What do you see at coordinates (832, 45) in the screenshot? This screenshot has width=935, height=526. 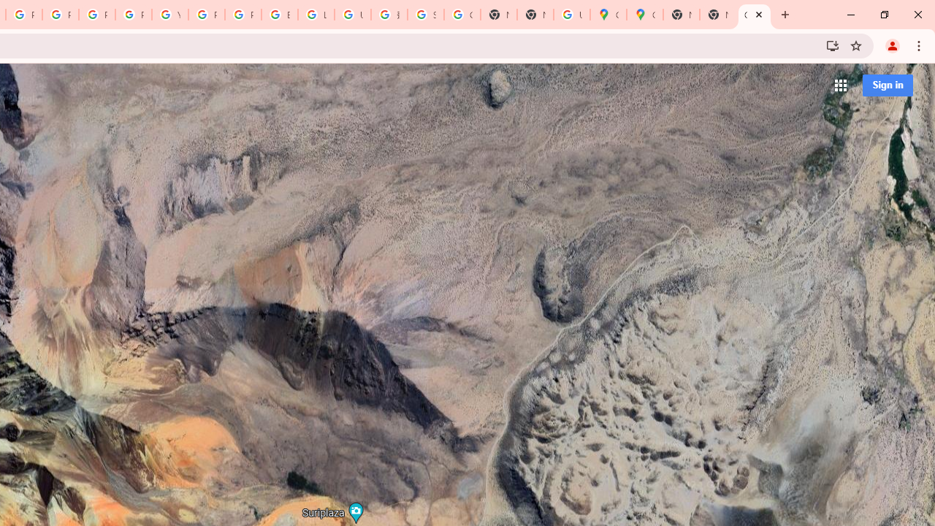 I see `'Install Google Maps'` at bounding box center [832, 45].